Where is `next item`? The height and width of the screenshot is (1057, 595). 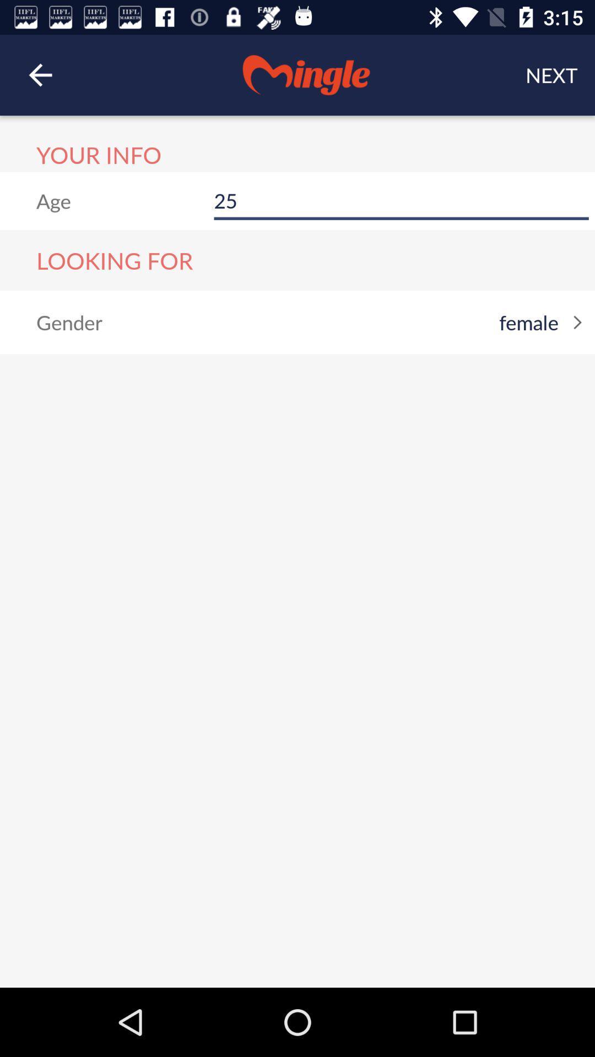 next item is located at coordinates (551, 74).